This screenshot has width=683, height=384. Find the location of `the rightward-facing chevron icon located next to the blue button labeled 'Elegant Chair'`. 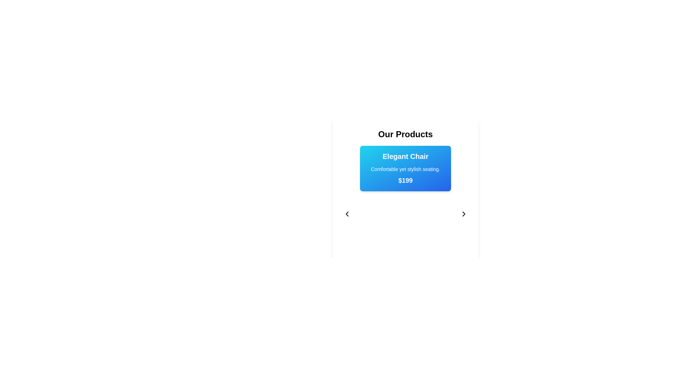

the rightward-facing chevron icon located next to the blue button labeled 'Elegant Chair' is located at coordinates (464, 213).